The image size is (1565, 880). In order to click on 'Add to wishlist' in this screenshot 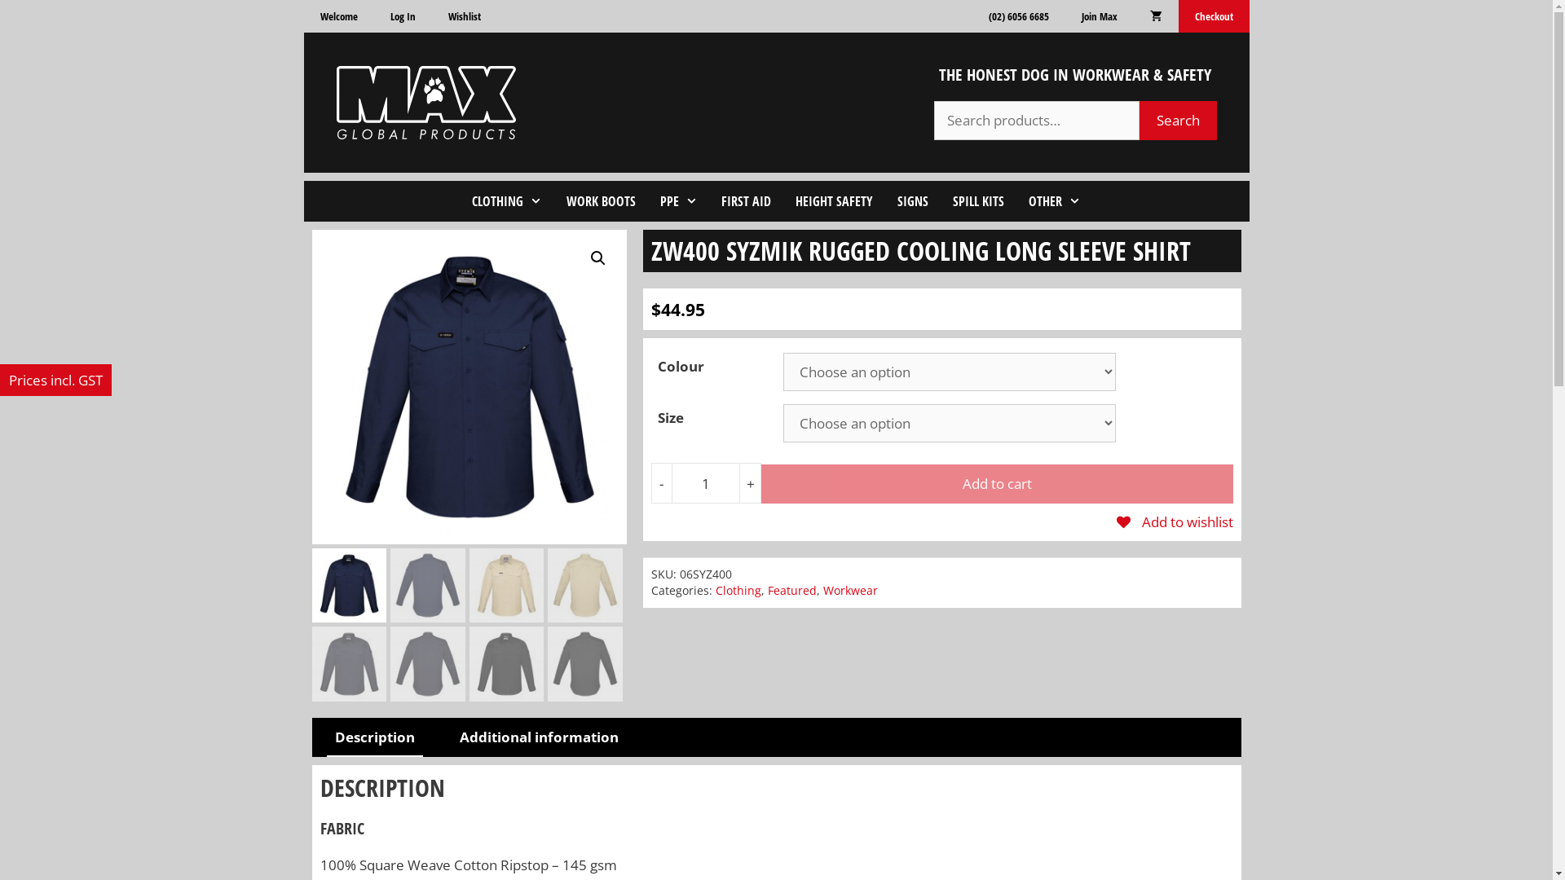, I will do `click(1175, 521)`.